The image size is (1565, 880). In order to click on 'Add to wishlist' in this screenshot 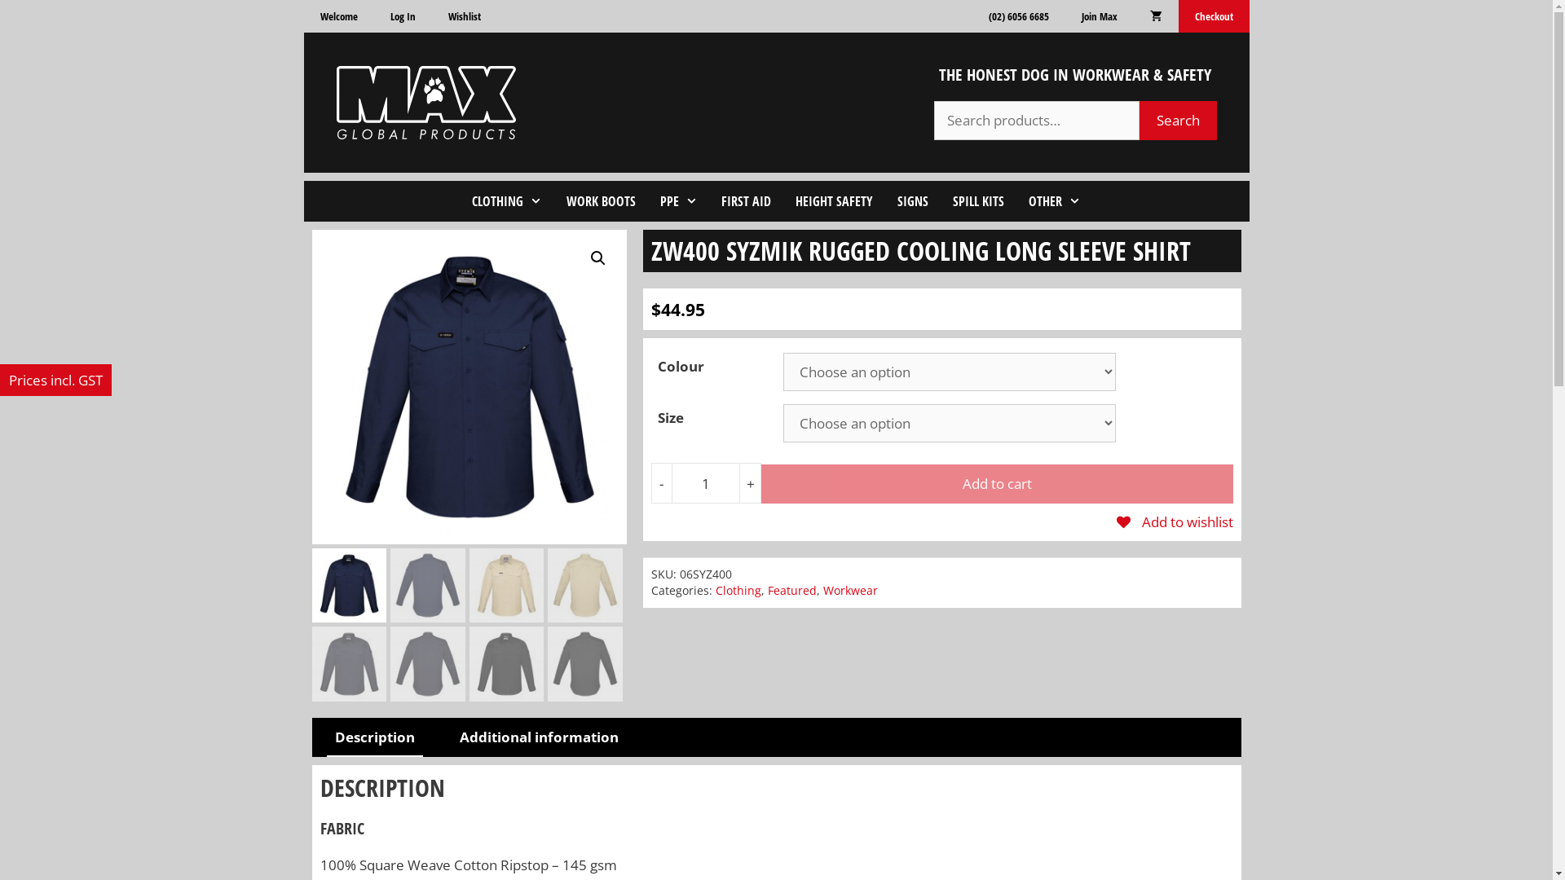, I will do `click(1175, 521)`.